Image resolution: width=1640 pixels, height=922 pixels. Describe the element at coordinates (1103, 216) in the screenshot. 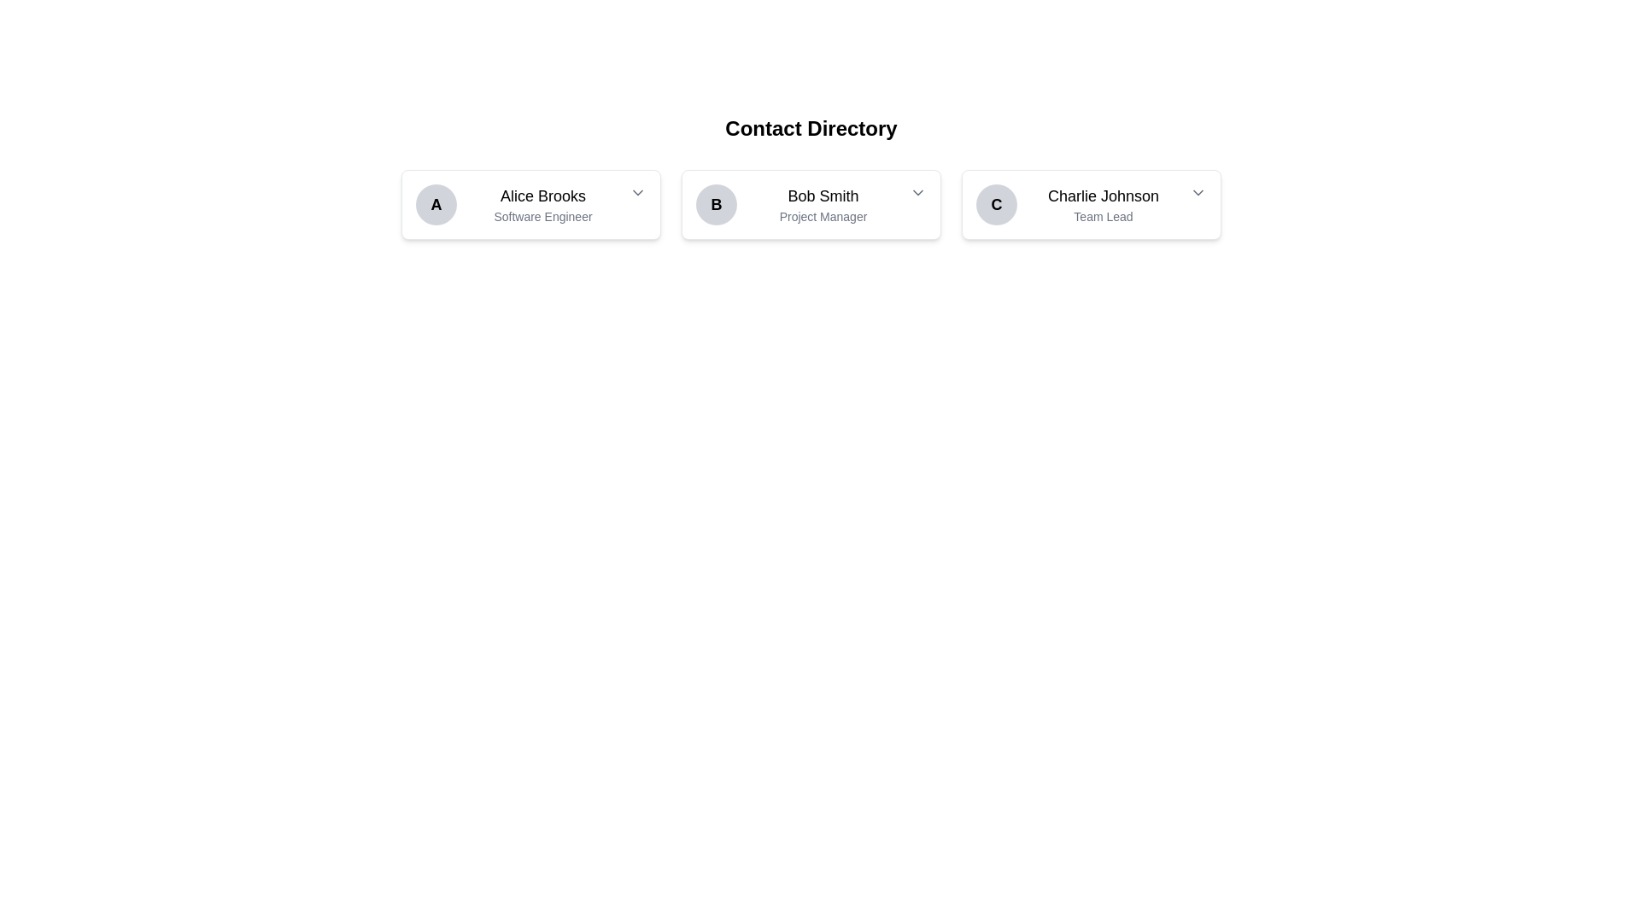

I see `the Text label that signifies the professional designation of the contact 'Charlie Johnson', located at the bottom of the contact card, directly below the name and centrally aligned` at that location.